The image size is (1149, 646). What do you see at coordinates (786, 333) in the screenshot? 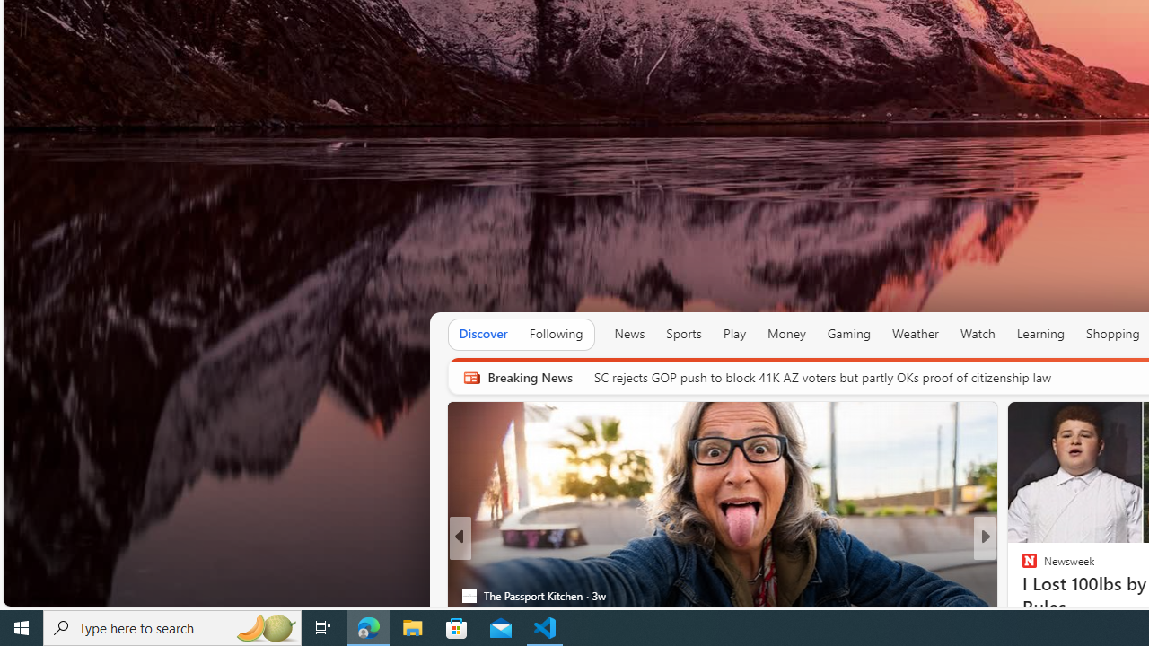
I see `'Money'` at bounding box center [786, 333].